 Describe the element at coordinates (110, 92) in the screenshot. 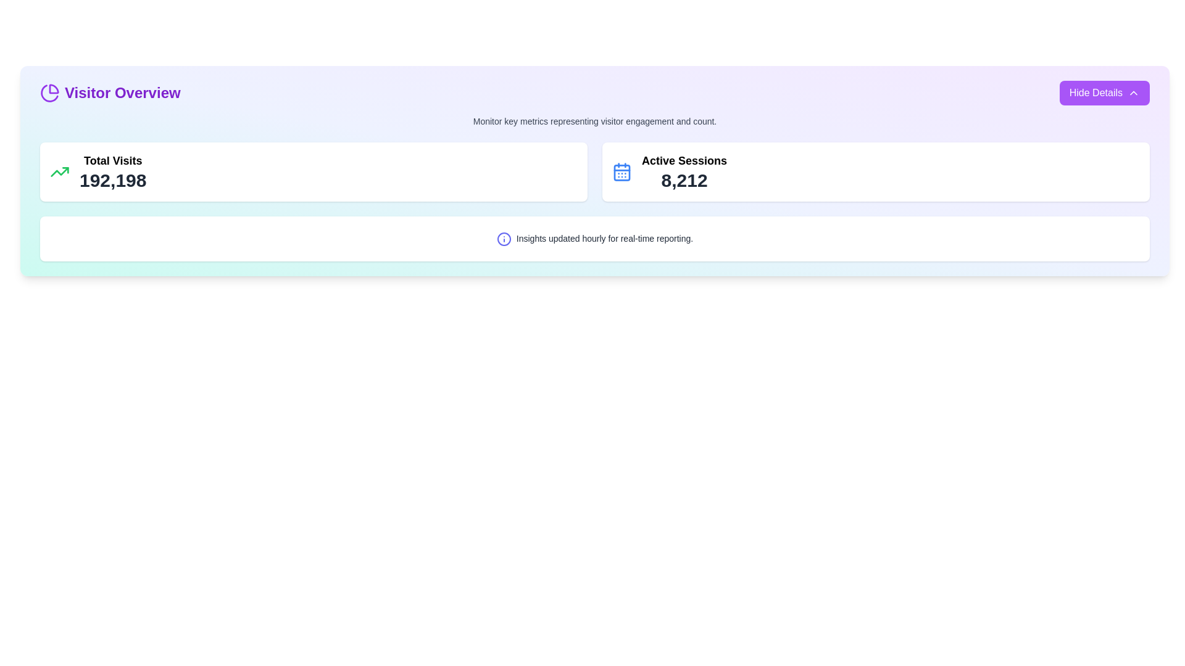

I see `the 'Visitor Overview' text block with a purple pie chart icon located at the top-left corner of the interface` at that location.